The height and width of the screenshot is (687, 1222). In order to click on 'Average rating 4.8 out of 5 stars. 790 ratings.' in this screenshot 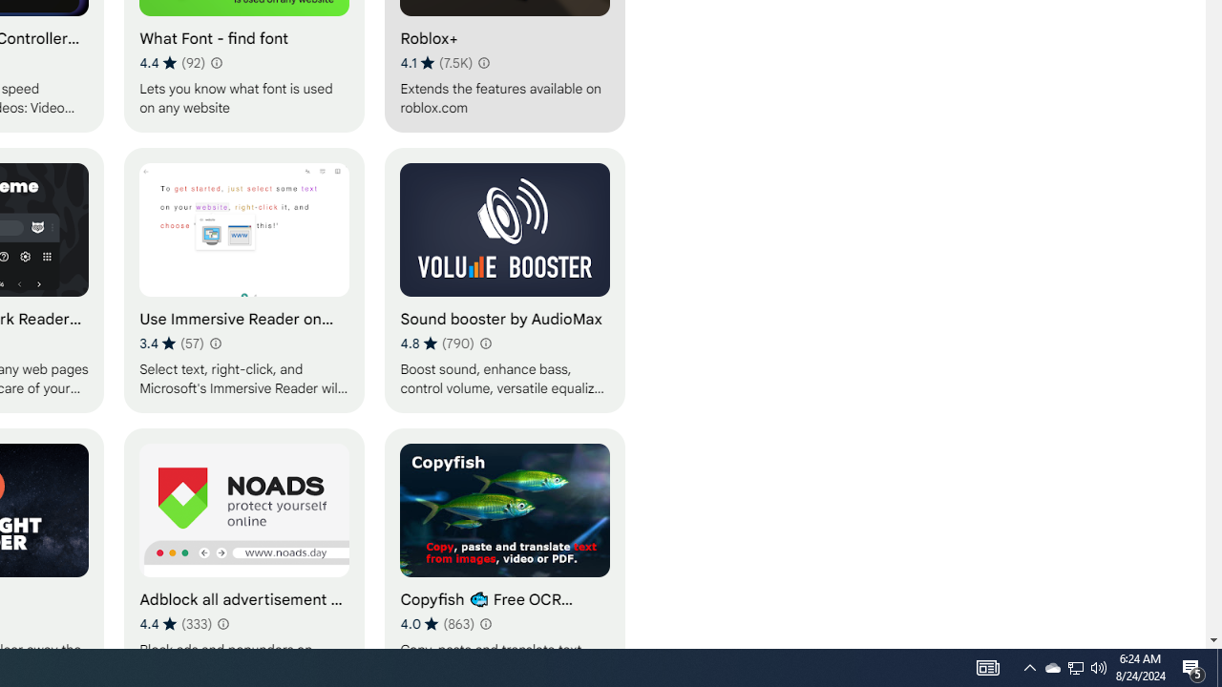, I will do `click(436, 343)`.